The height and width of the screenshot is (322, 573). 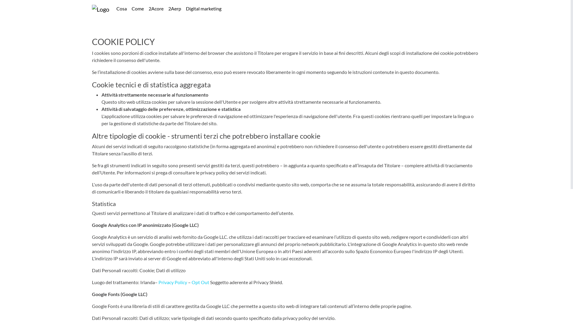 I want to click on 'Privacy Policy', so click(x=158, y=282).